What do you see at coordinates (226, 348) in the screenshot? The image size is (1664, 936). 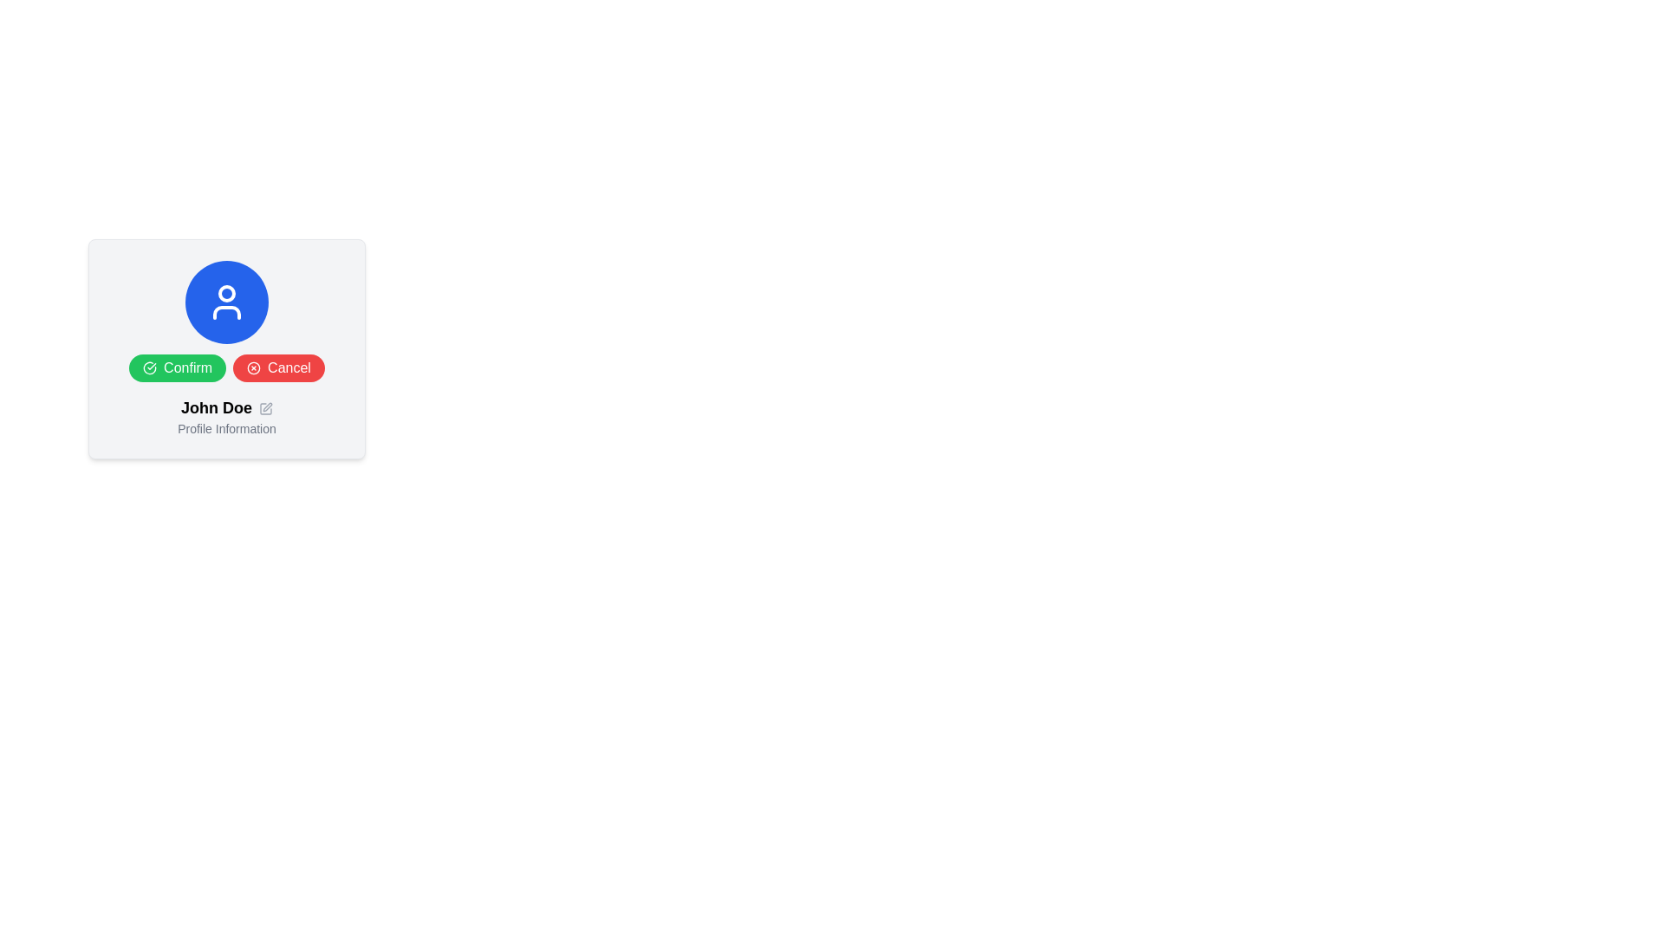 I see `the Confirm button located in the Interactive user profile panel, which features a green button labeled 'Confirm' below a blue circular user icon` at bounding box center [226, 348].